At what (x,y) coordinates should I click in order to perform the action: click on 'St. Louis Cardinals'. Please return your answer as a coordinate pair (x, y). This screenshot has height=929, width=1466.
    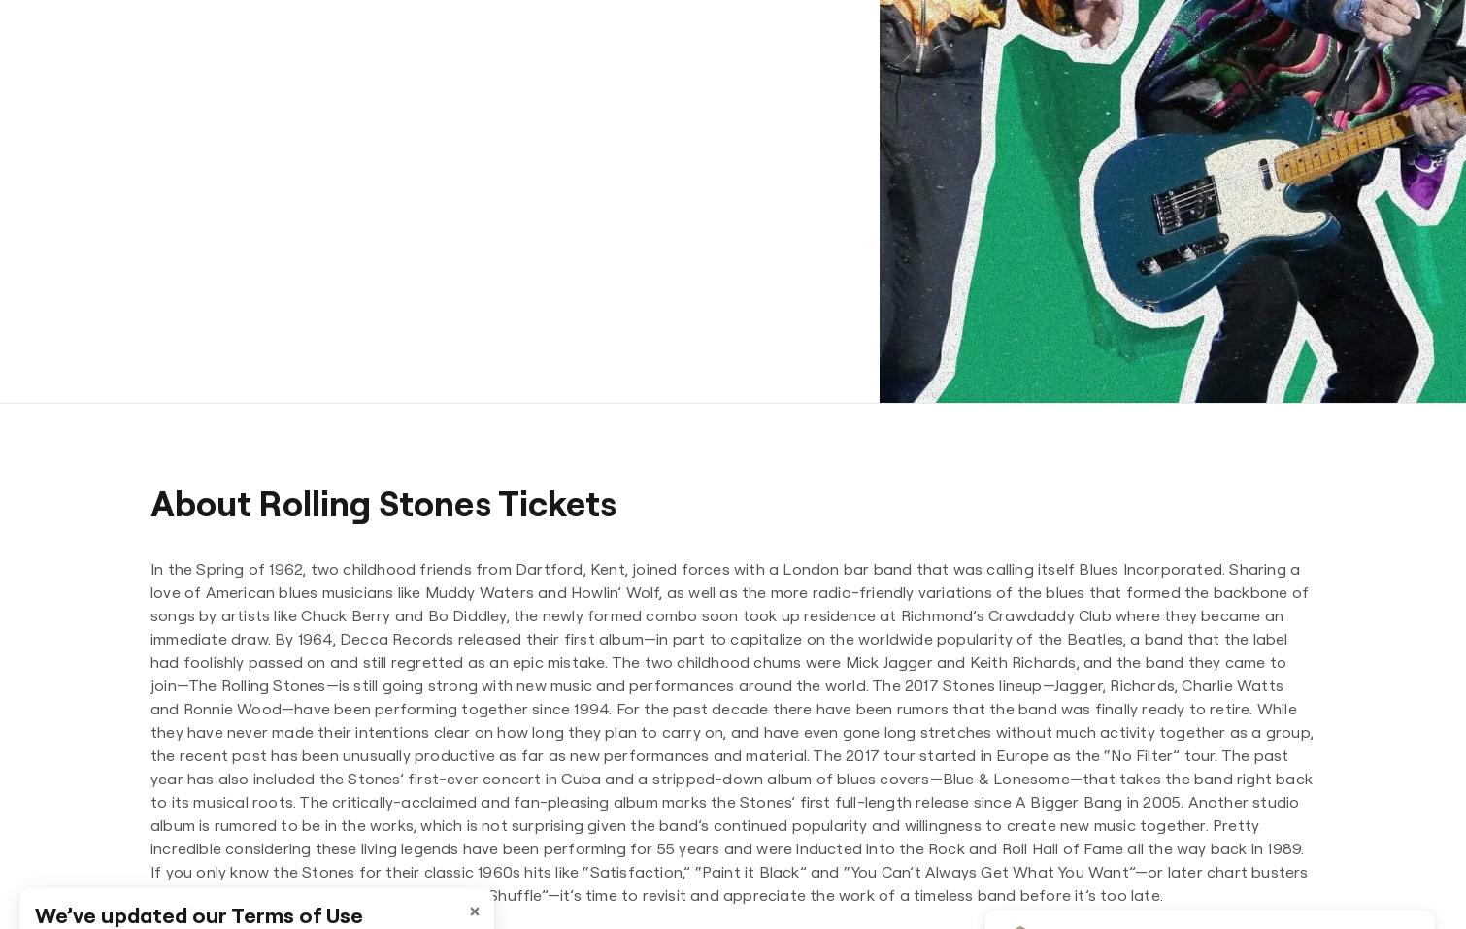
    Looking at the image, I should click on (795, 187).